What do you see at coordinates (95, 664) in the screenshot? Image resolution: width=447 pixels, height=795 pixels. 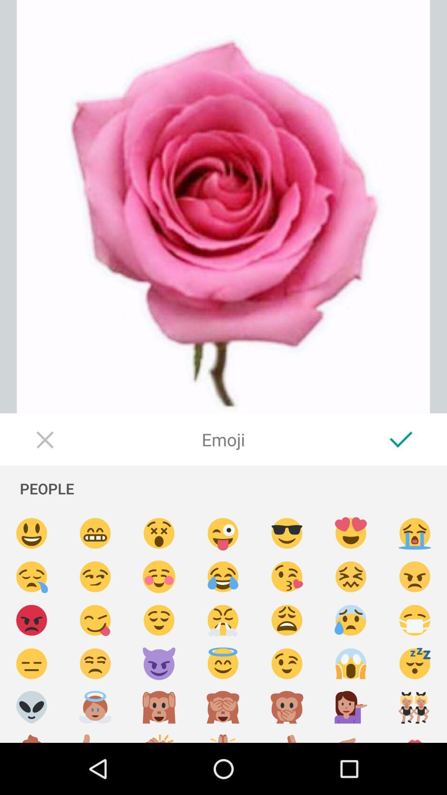 I see `a smiley` at bounding box center [95, 664].